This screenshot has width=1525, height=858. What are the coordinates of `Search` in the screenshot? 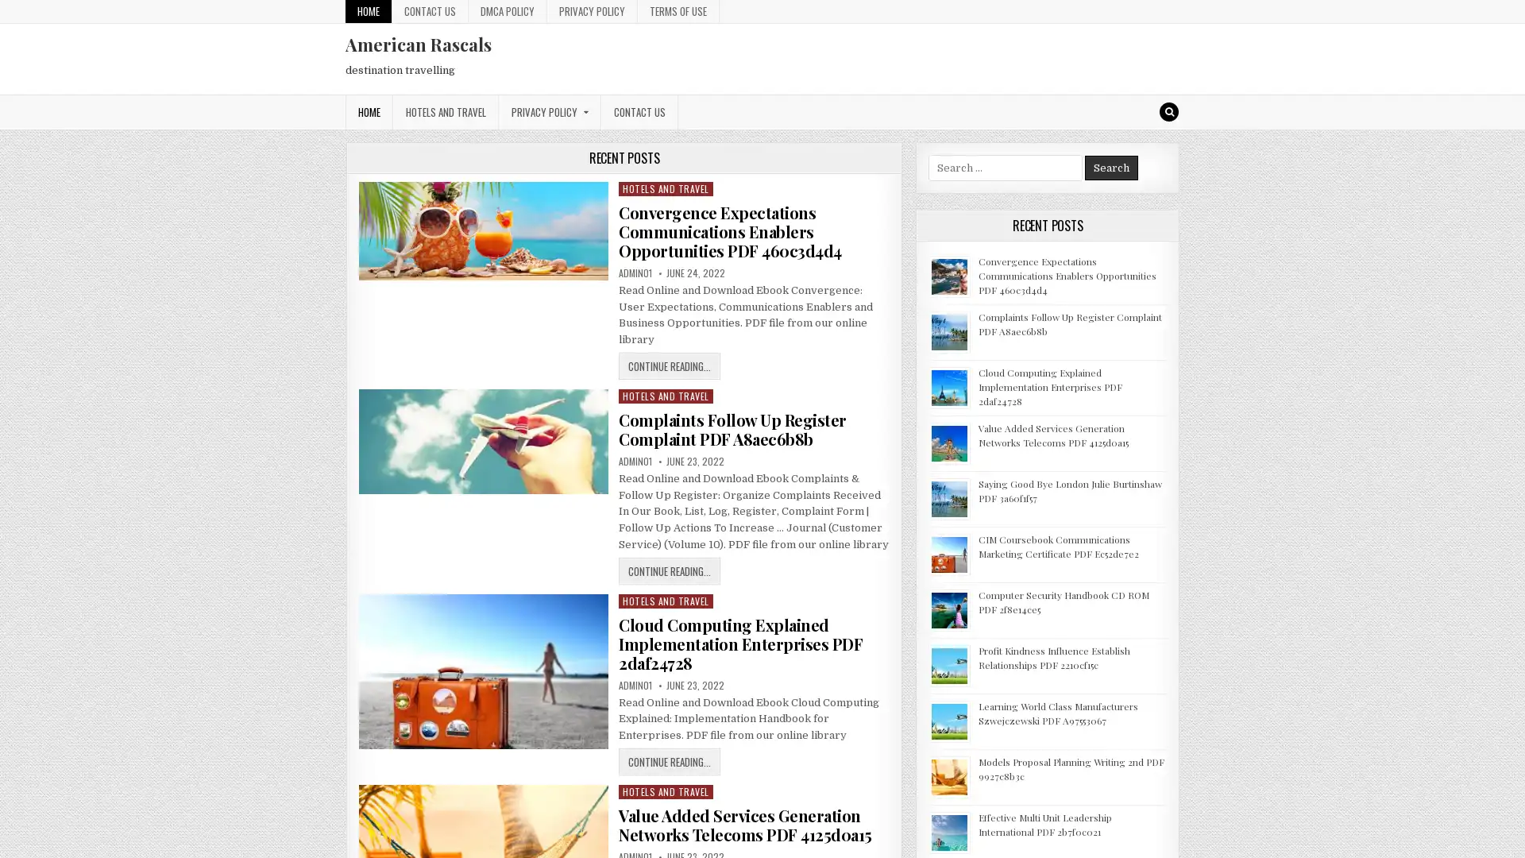 It's located at (1110, 168).